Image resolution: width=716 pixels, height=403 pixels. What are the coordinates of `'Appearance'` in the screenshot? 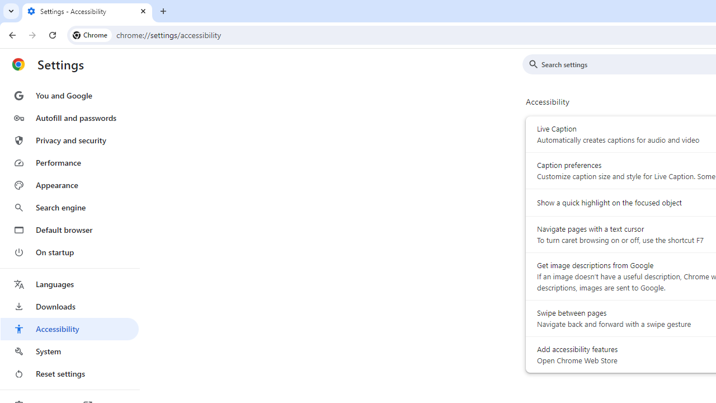 It's located at (69, 185).